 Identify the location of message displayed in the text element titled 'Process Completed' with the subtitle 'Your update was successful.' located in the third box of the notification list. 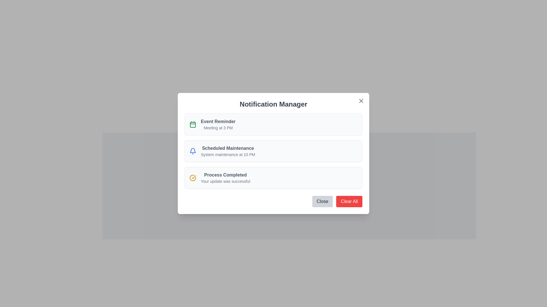
(225, 177).